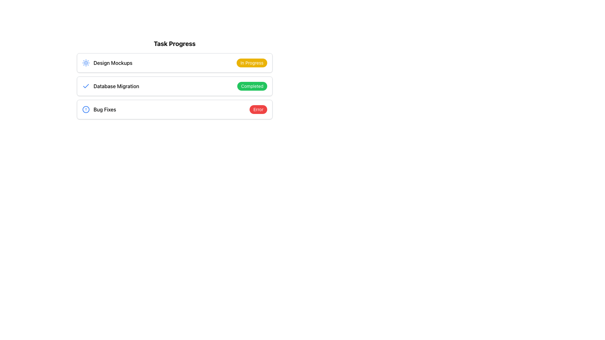 The image size is (605, 340). Describe the element at coordinates (175, 43) in the screenshot. I see `the text label that reads 'Task Progress', which is styled with bold text and positioned above a list of task items` at that location.